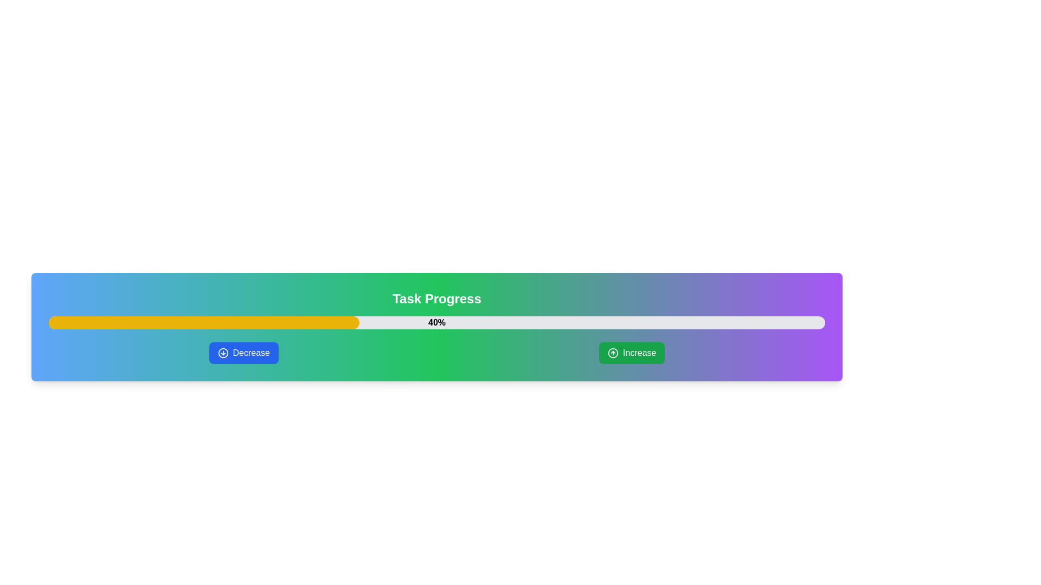  What do you see at coordinates (632, 353) in the screenshot?
I see `the rightmost button that increments a value when clicked to increase the value` at bounding box center [632, 353].